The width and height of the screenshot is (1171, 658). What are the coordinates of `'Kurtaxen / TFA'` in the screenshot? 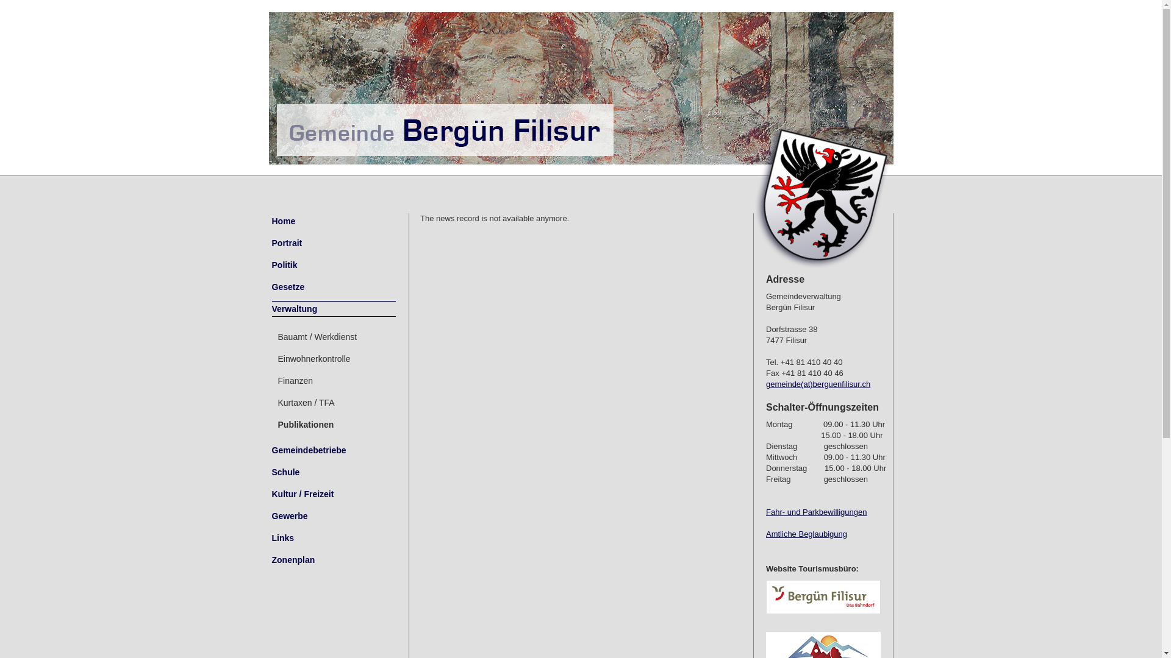 It's located at (334, 402).